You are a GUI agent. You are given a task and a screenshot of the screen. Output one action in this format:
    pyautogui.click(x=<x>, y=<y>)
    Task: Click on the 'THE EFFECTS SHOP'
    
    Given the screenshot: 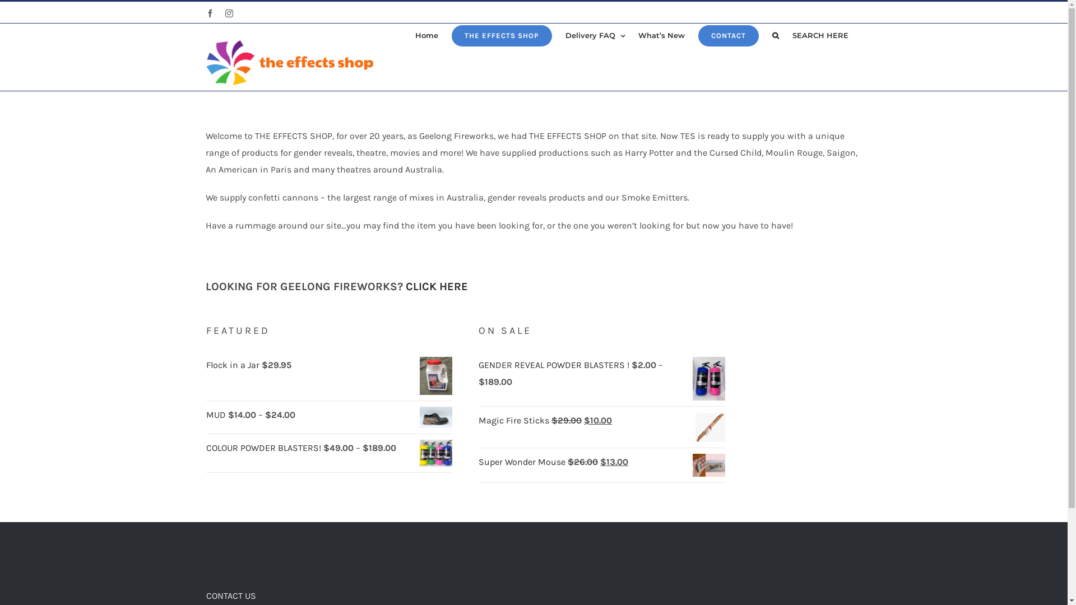 What is the action you would take?
    pyautogui.click(x=452, y=35)
    